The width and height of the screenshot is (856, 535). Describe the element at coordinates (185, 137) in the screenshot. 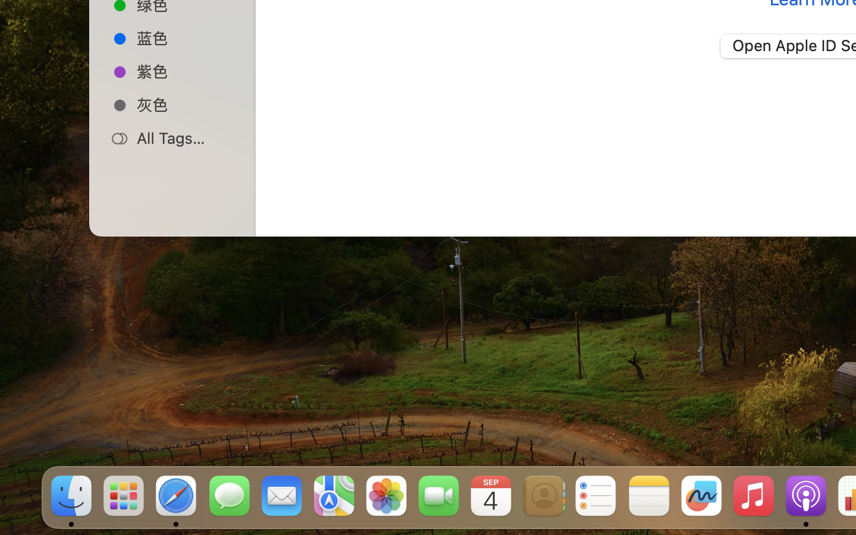

I see `'All Tags…'` at that location.